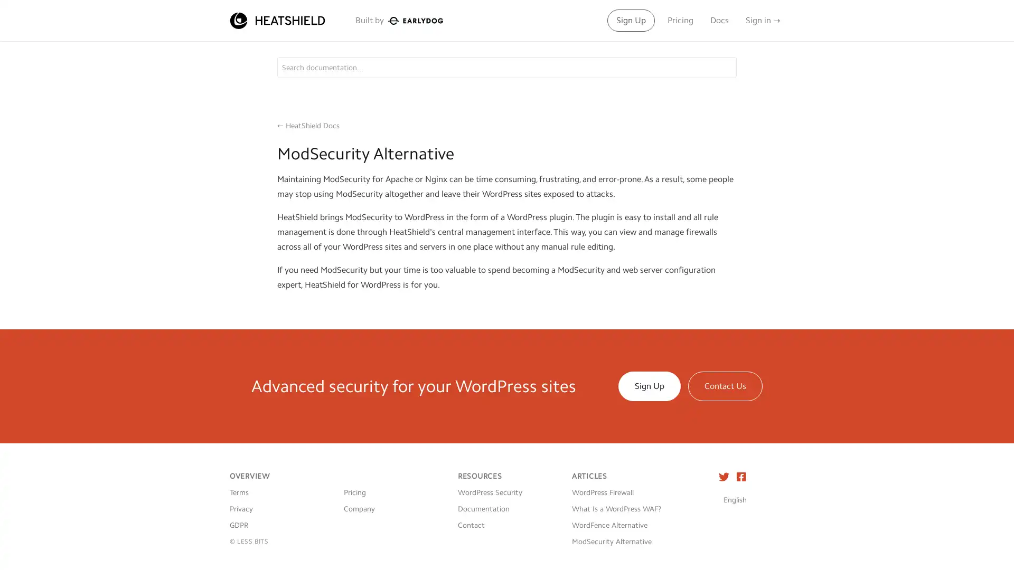  What do you see at coordinates (680, 20) in the screenshot?
I see `Pricing` at bounding box center [680, 20].